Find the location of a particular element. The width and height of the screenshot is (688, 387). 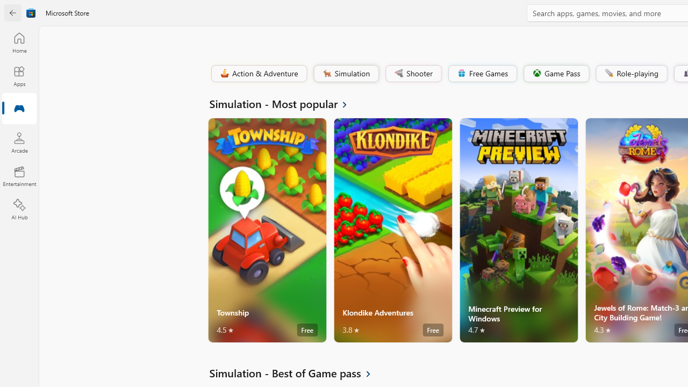

'Back' is located at coordinates (13, 13).